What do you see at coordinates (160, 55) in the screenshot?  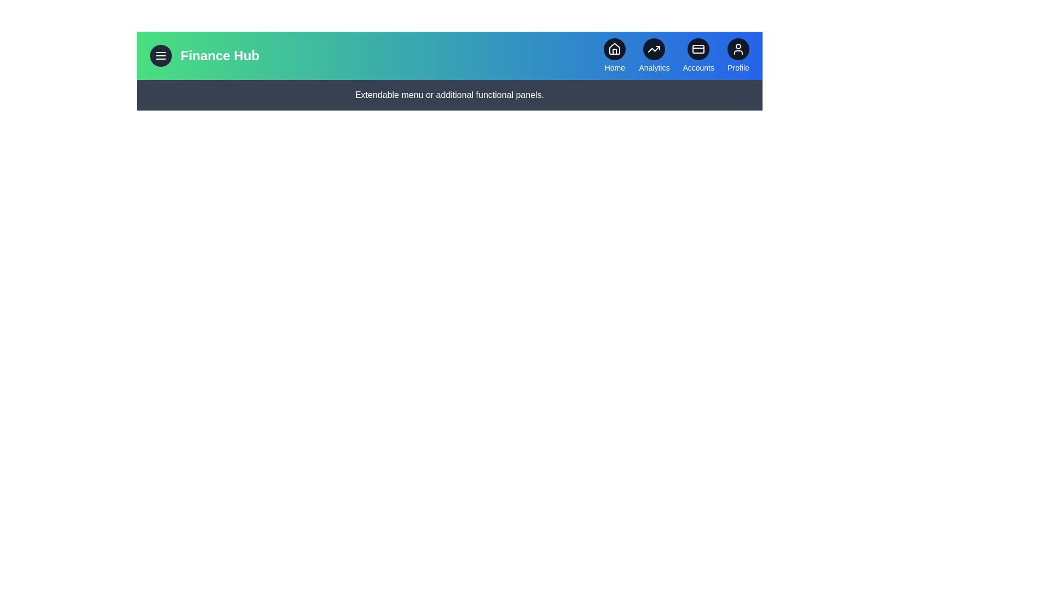 I see `the menu button to toggle the visibility of the menu panel` at bounding box center [160, 55].